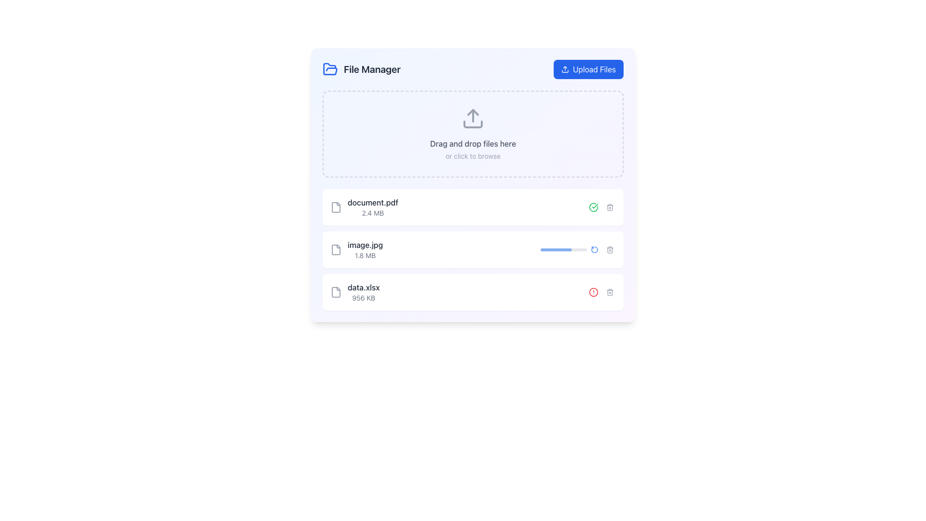 The height and width of the screenshot is (521, 926). I want to click on the textual display of file metadata showing 'data.xlsx' and '956 KB', so click(354, 291).